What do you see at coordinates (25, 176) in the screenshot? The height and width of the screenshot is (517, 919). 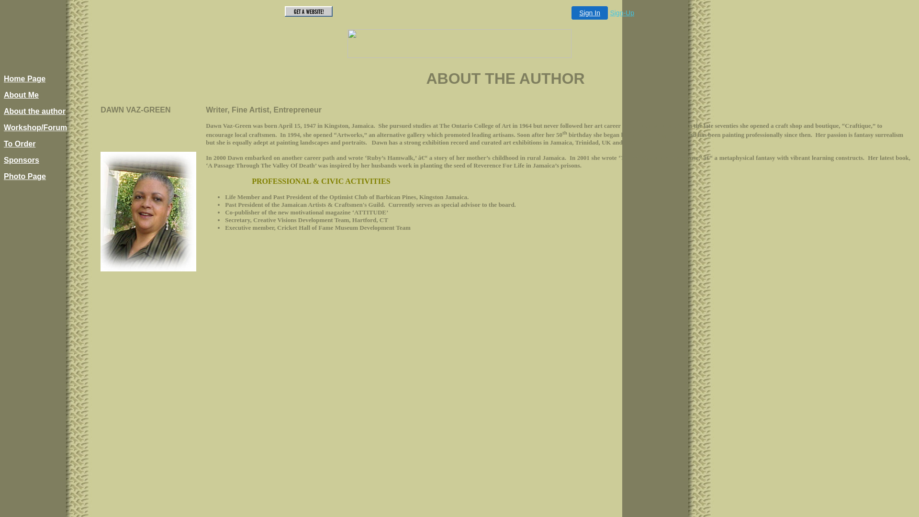 I see `'Photo Page'` at bounding box center [25, 176].